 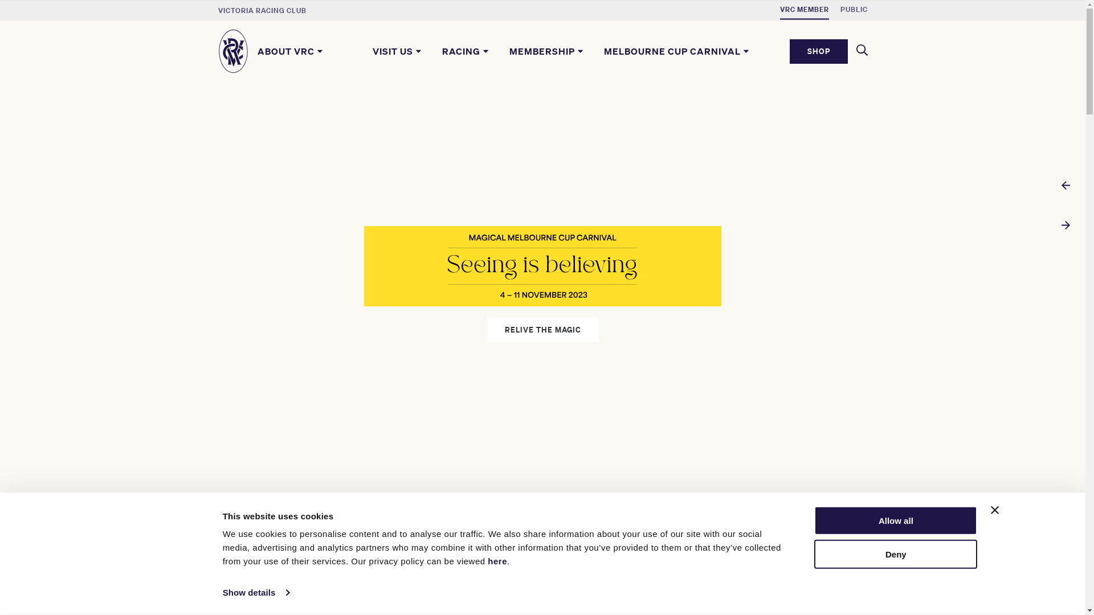 What do you see at coordinates (398, 50) in the screenshot?
I see `'VISIT US'` at bounding box center [398, 50].